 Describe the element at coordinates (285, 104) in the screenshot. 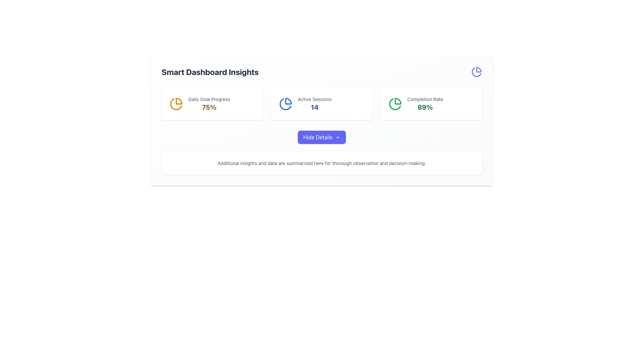

I see `the blue circular pie-chart icon associated with the 'Active Sessions' metric, located within the white card and aligned to the left of the text and number (14)` at that location.